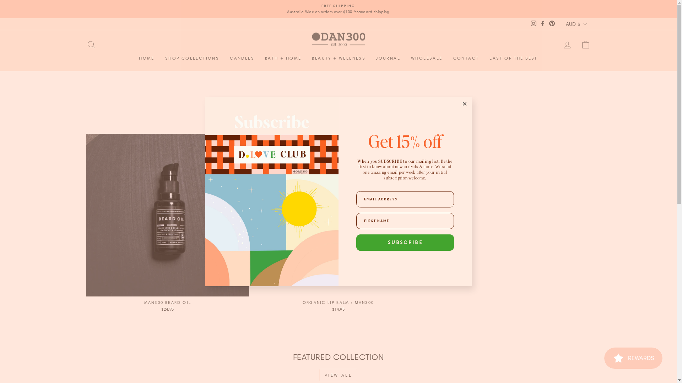  Describe the element at coordinates (585, 45) in the screenshot. I see `'CART'` at that location.